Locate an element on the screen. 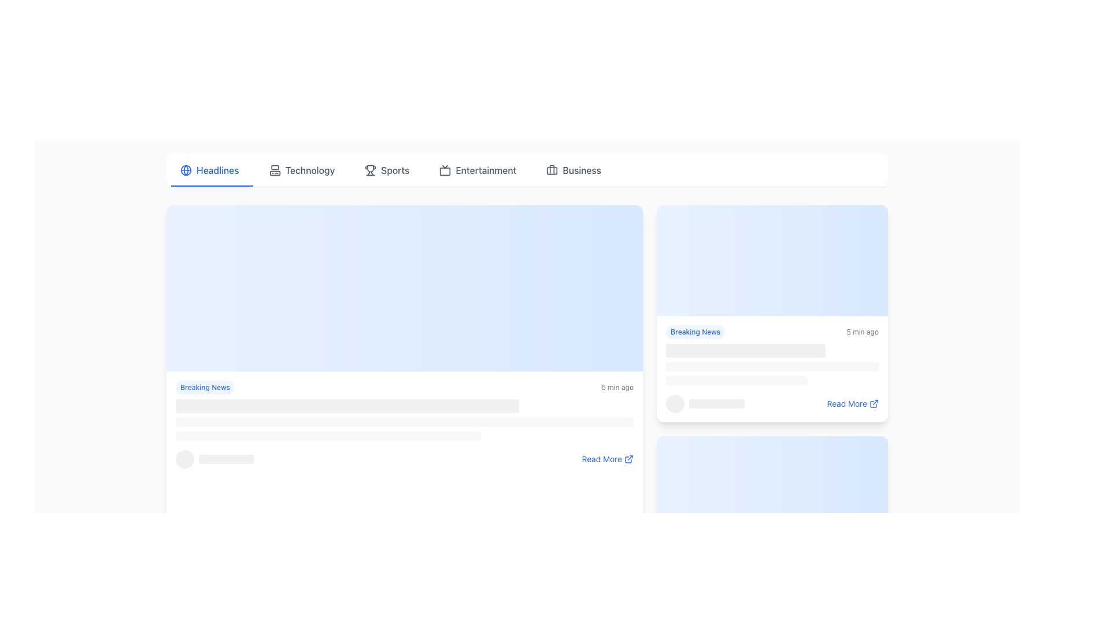 The height and width of the screenshot is (624, 1110). the trophy icon, which is part of the 'Sports' button in the horizontal navigation menu located near the top of the interface is located at coordinates (371, 170).